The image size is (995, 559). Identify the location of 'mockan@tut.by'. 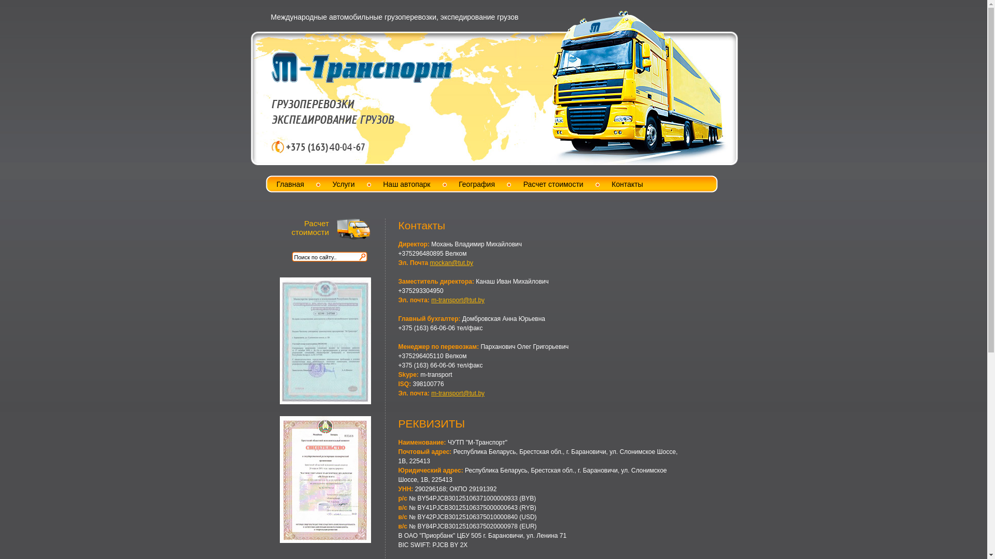
(452, 262).